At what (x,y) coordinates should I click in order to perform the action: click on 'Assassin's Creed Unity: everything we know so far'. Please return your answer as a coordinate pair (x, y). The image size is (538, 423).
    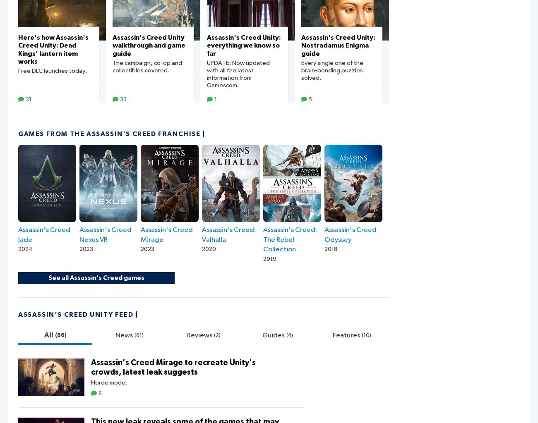
    Looking at the image, I should click on (207, 45).